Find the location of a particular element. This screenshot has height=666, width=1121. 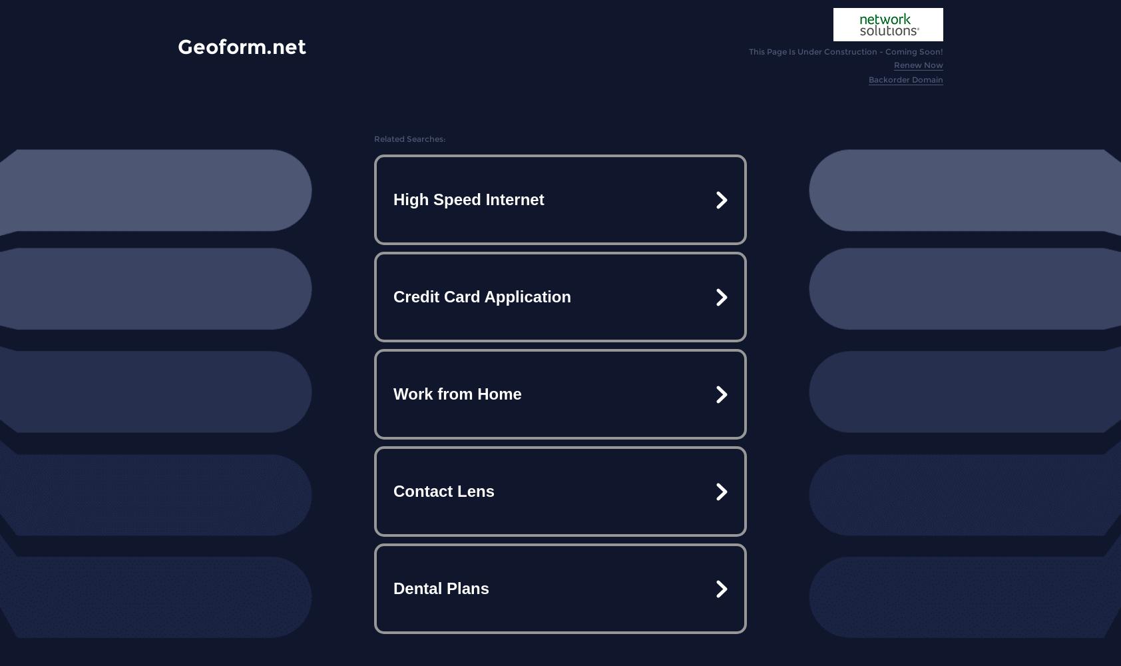

'Dental Plans' is located at coordinates (441, 588).